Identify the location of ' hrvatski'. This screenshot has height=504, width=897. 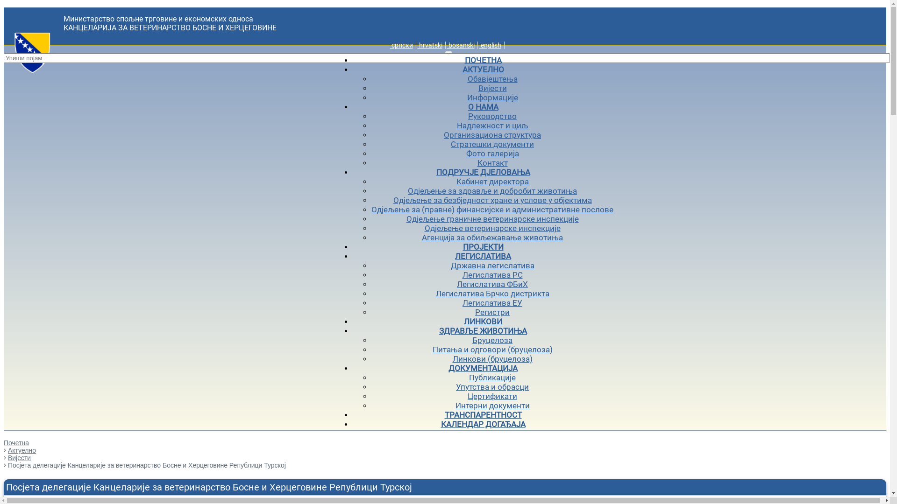
(429, 45).